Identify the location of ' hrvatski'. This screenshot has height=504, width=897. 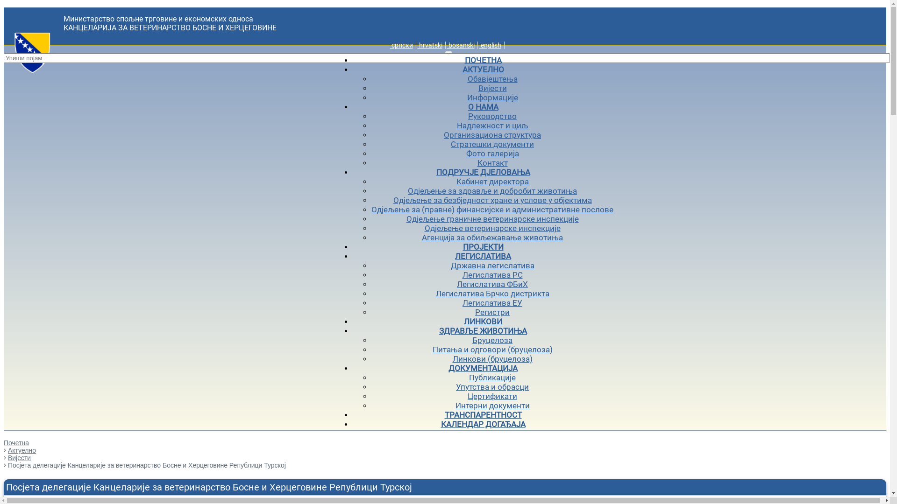
(429, 45).